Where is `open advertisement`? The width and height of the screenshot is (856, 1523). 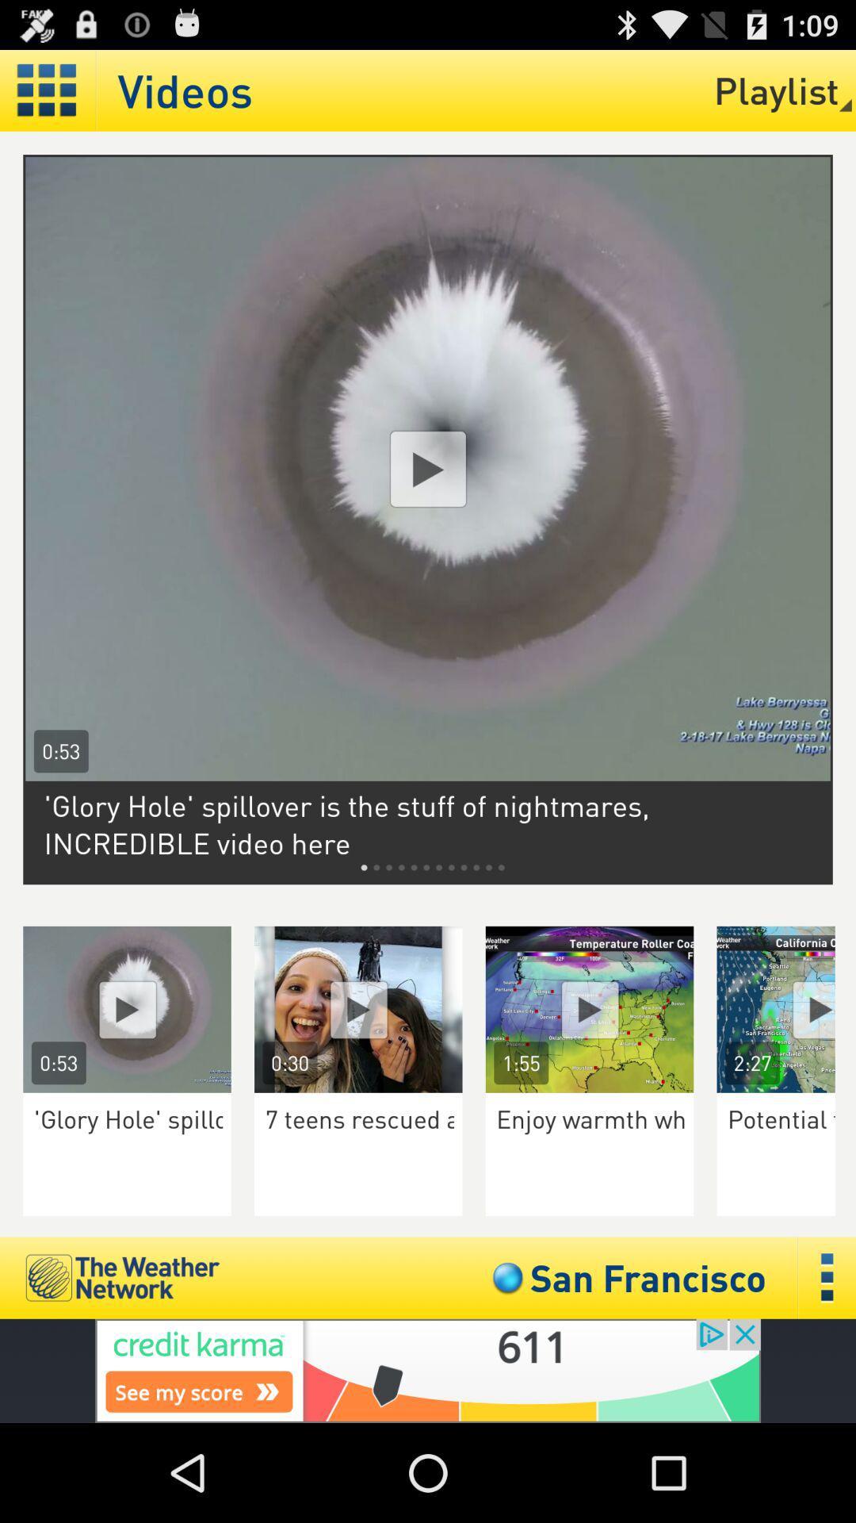
open advertisement is located at coordinates (428, 1370).